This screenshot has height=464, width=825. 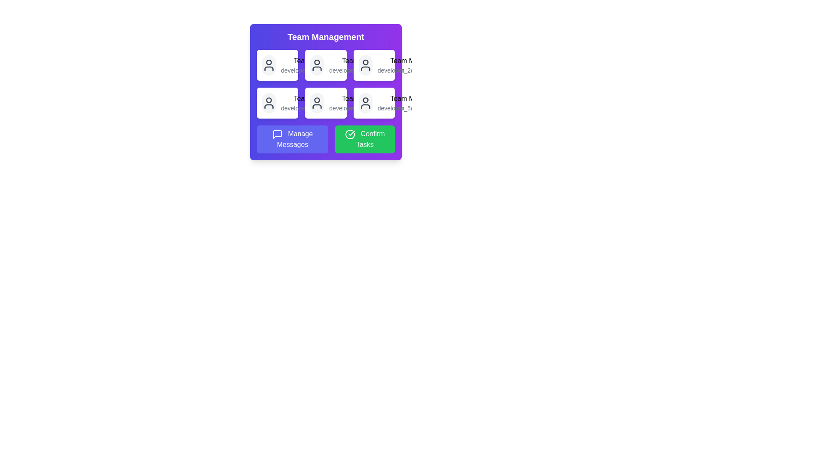 I want to click on the user avatar icon situated in the fourth position of the six-item grid under the 'Team Management' heading to interact with it, so click(x=365, y=102).